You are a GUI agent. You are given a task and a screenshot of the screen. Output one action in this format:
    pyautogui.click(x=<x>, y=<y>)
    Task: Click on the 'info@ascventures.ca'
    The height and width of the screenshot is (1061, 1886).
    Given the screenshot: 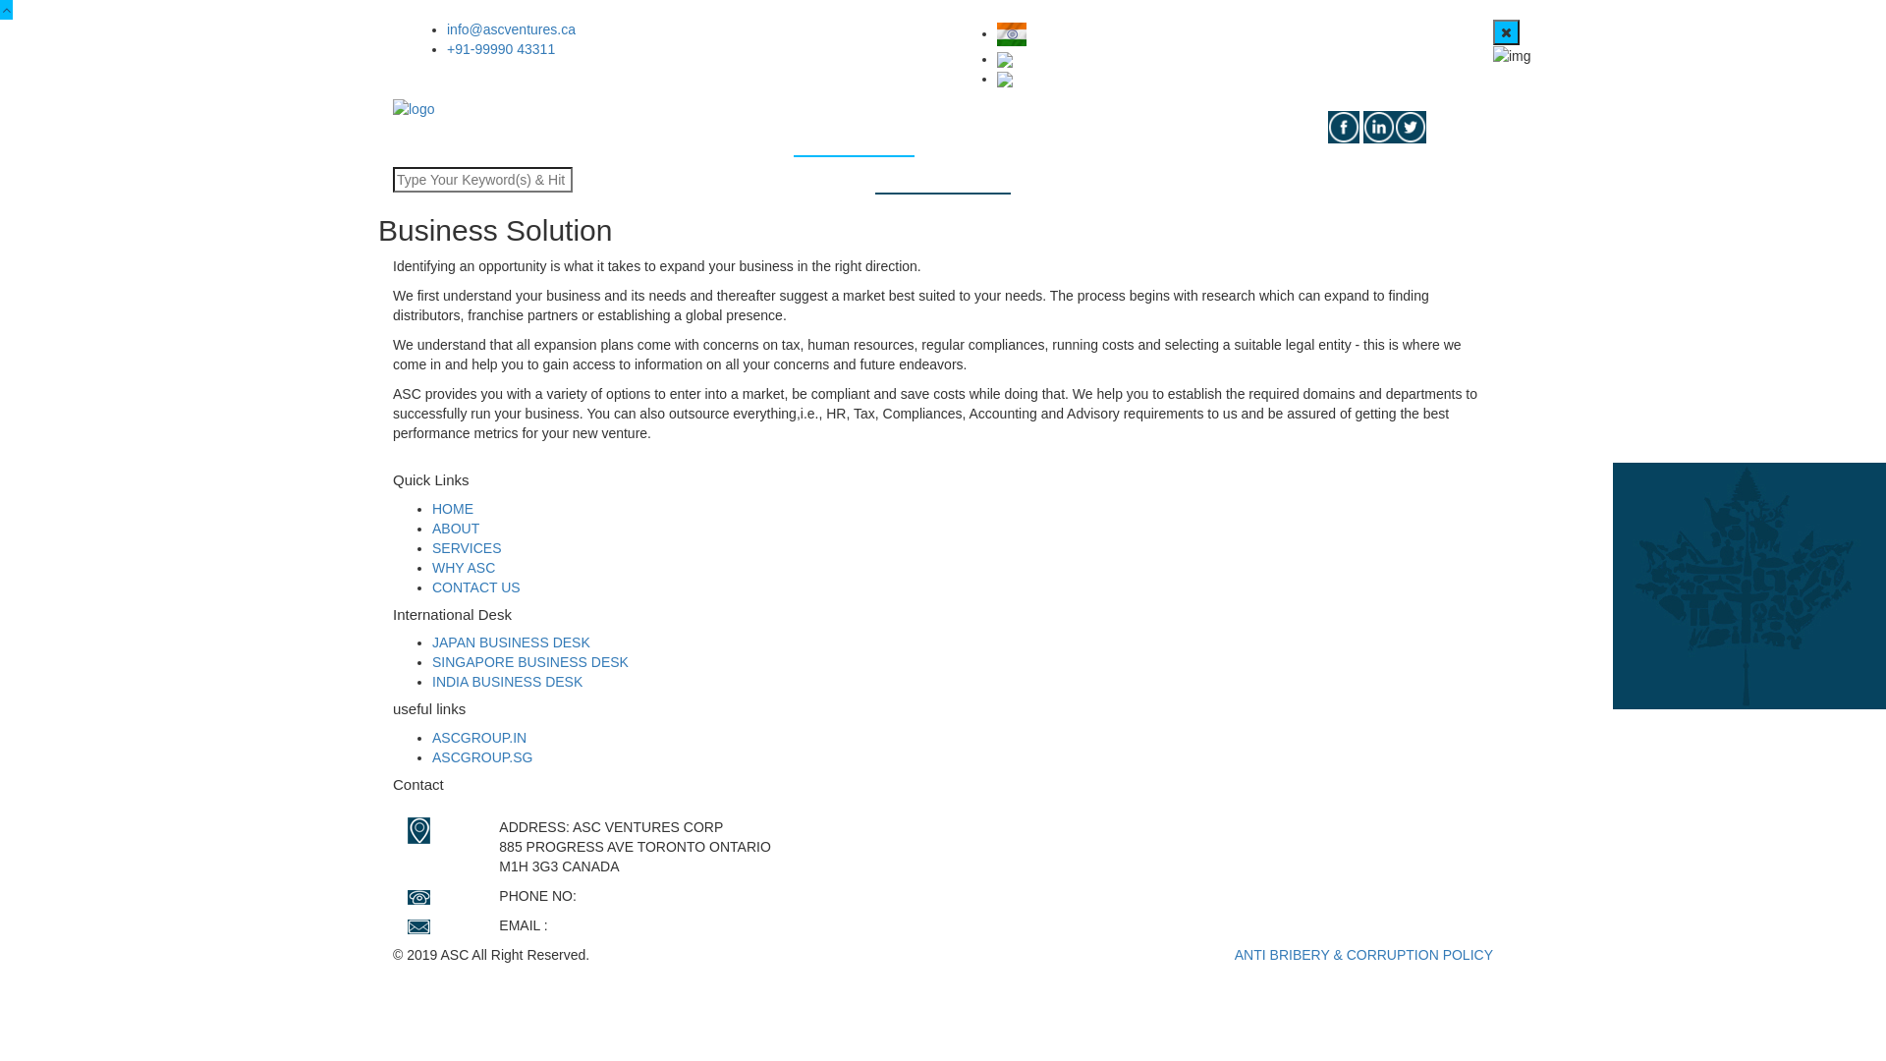 What is the action you would take?
    pyautogui.click(x=446, y=29)
    